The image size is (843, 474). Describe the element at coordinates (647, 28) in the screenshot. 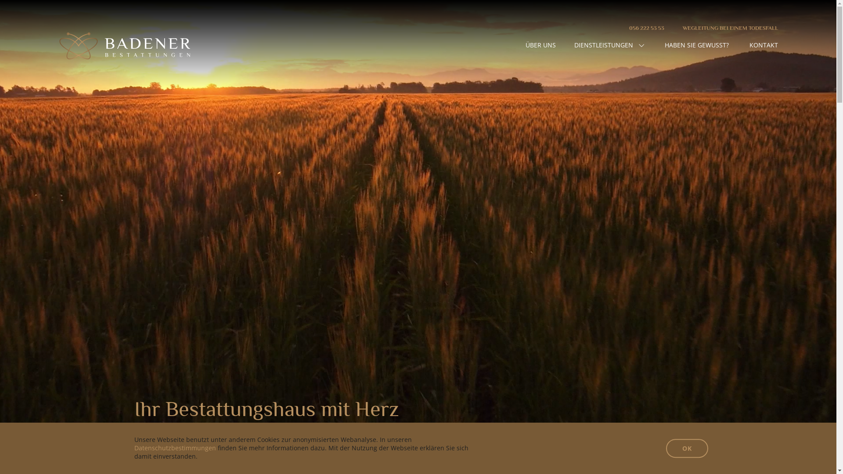

I see `'056 222 53 53'` at that location.